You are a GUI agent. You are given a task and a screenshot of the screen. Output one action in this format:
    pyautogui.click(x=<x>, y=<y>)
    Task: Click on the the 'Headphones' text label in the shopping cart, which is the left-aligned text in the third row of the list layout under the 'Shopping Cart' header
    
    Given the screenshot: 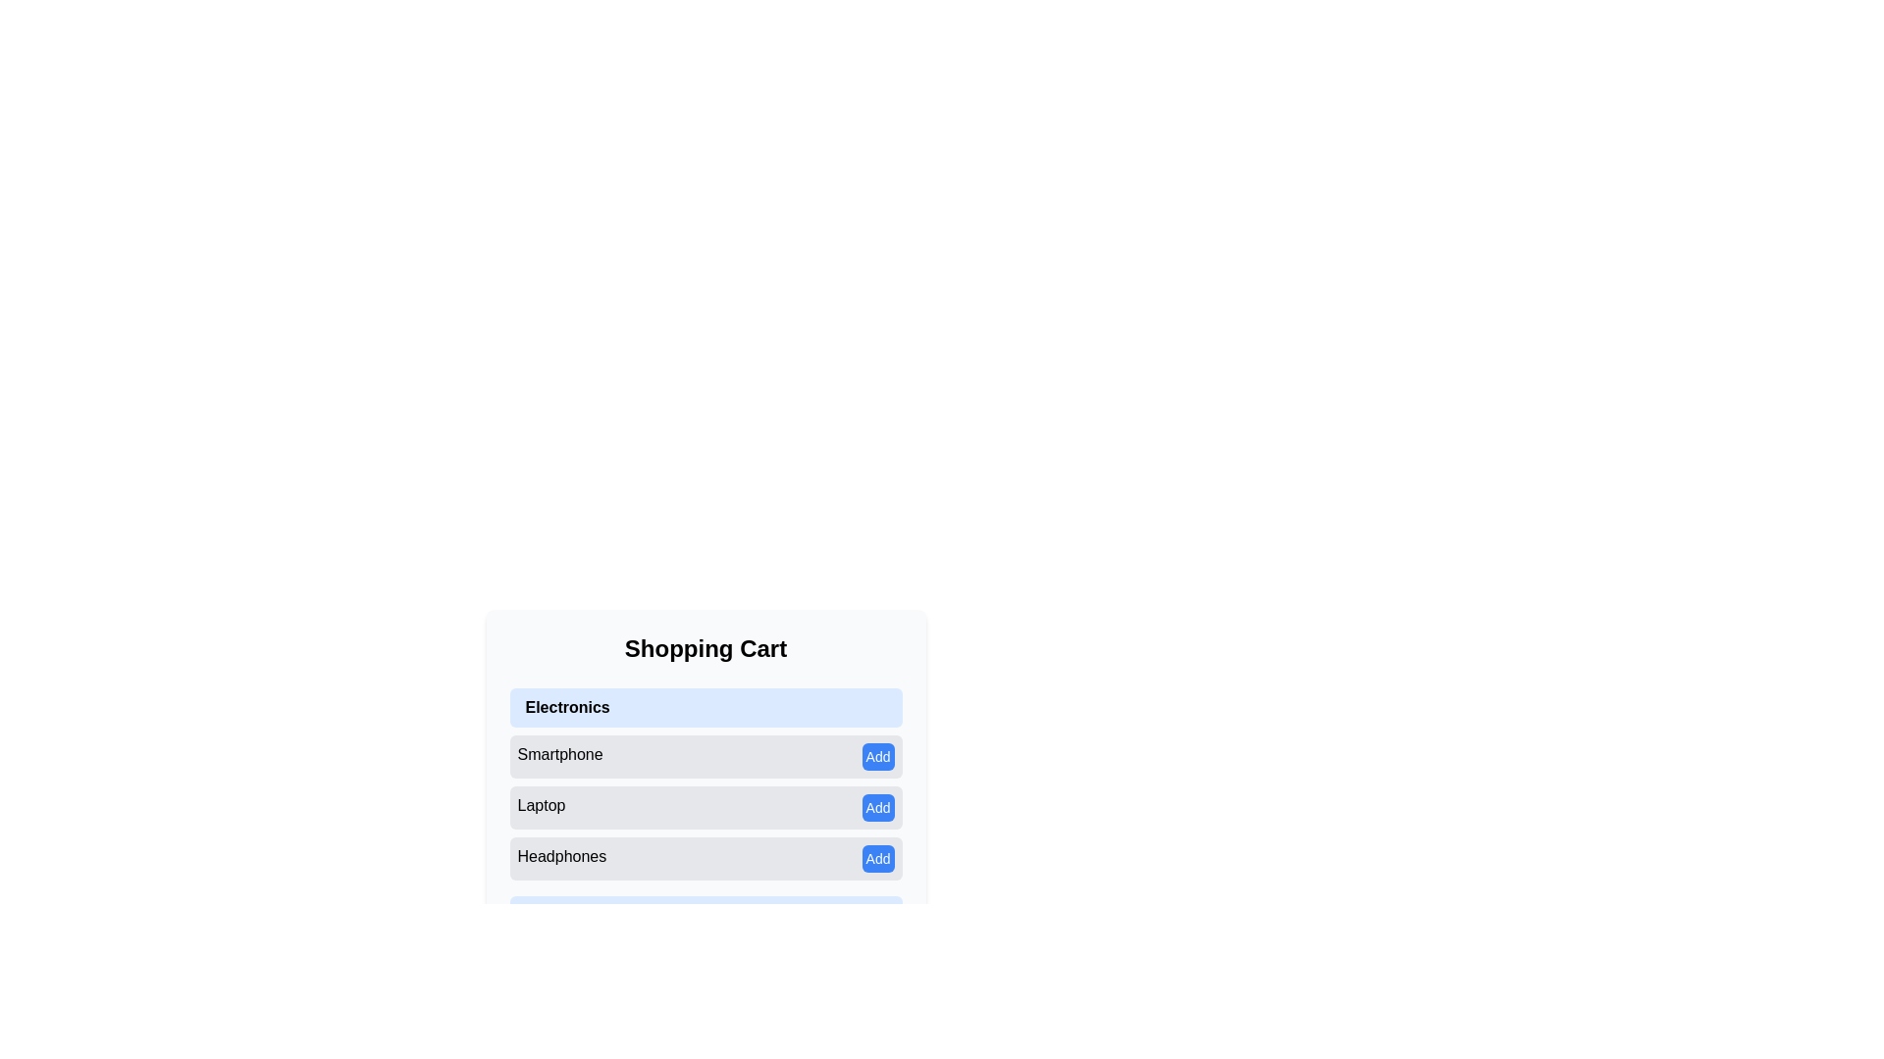 What is the action you would take?
    pyautogui.click(x=560, y=857)
    